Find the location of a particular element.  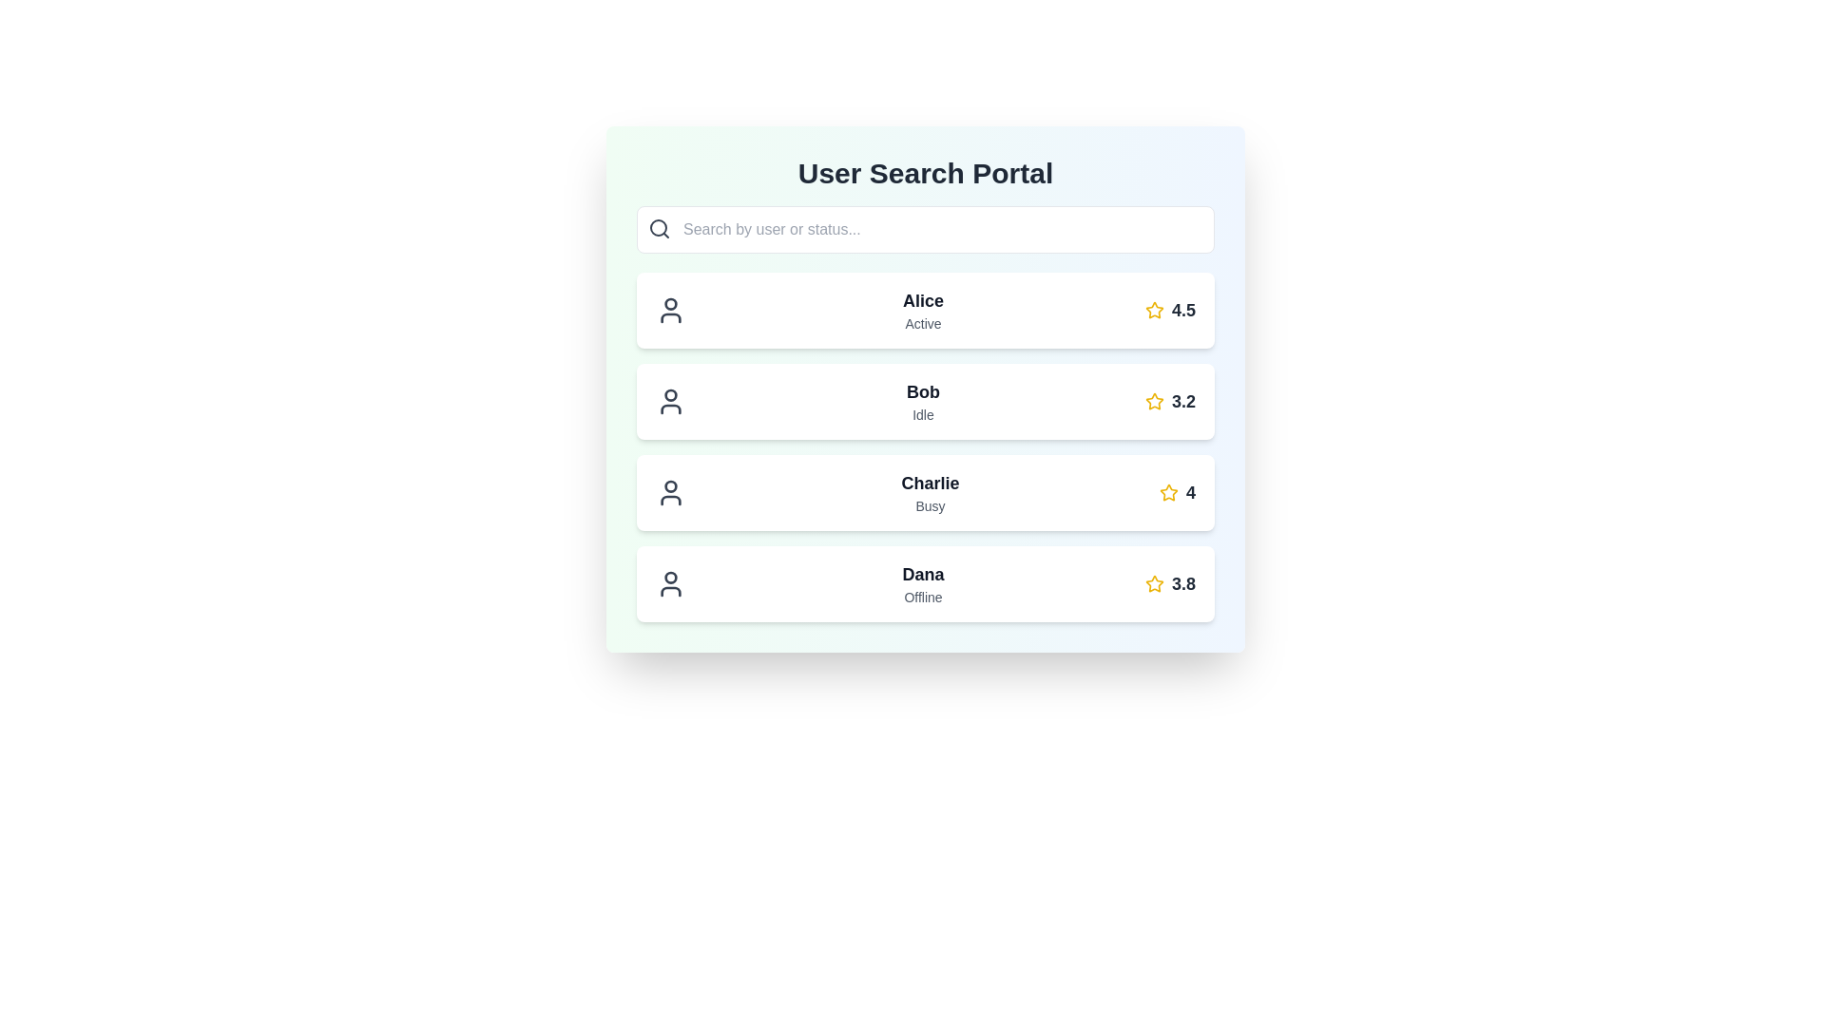

the rating indicator icon located next to the numeric value for user 'Charlie' is located at coordinates (1167, 491).